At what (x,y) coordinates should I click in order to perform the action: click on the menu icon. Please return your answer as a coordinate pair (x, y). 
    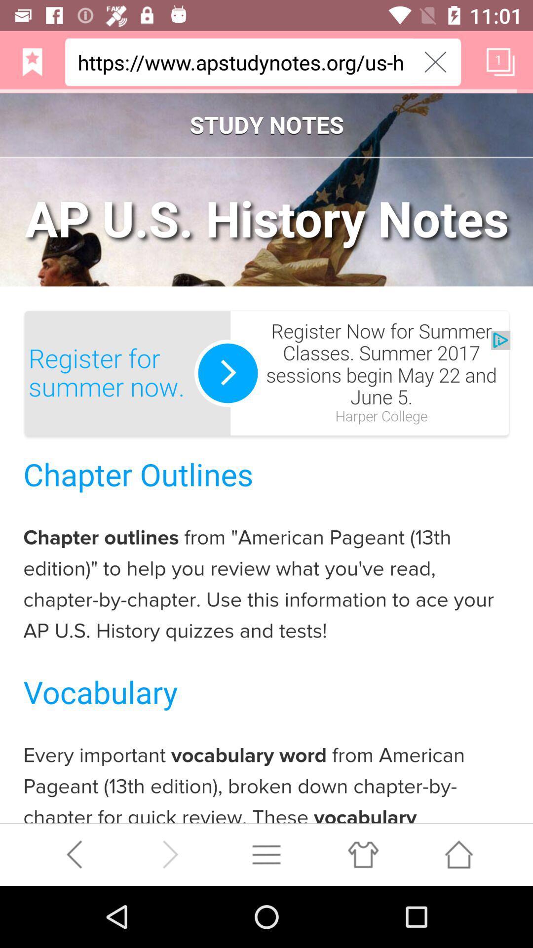
    Looking at the image, I should click on (266, 914).